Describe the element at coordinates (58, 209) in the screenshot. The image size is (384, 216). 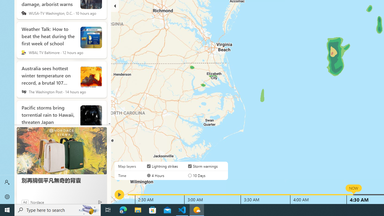
I see `'Type here to search'` at that location.